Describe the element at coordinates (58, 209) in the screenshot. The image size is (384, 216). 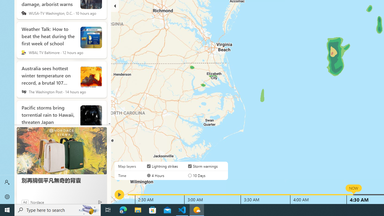
I see `'Type here to search'` at that location.